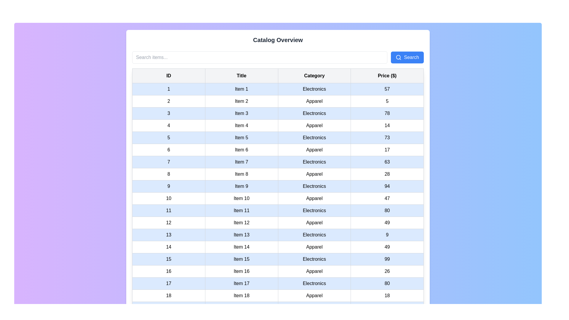 Image resolution: width=569 pixels, height=320 pixels. I want to click on the leftmost table cell displaying the identifier '14' in the first column labeled 'ID', so click(168, 247).